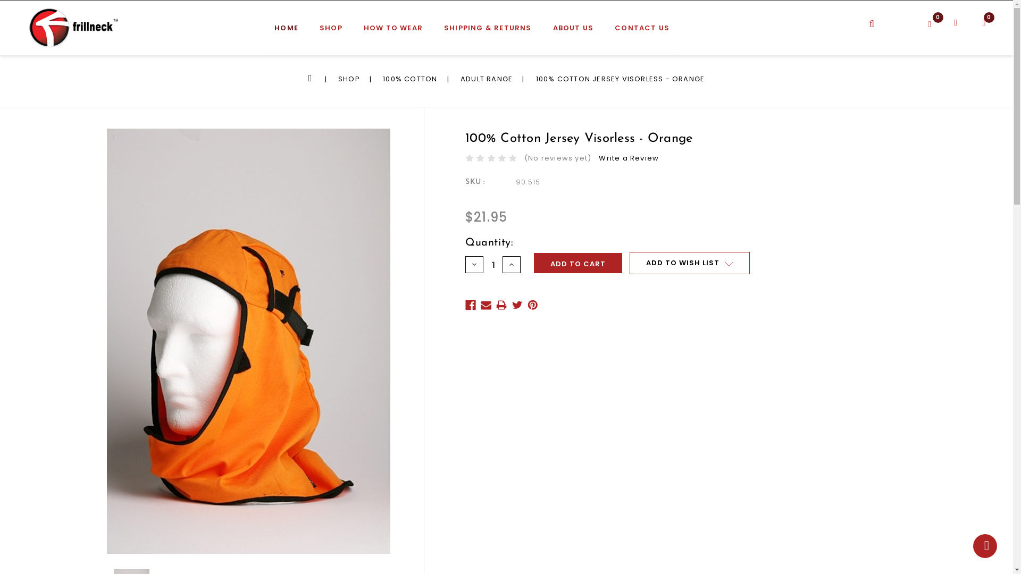  Describe the element at coordinates (409, 78) in the screenshot. I see `'100% COTTON'` at that location.